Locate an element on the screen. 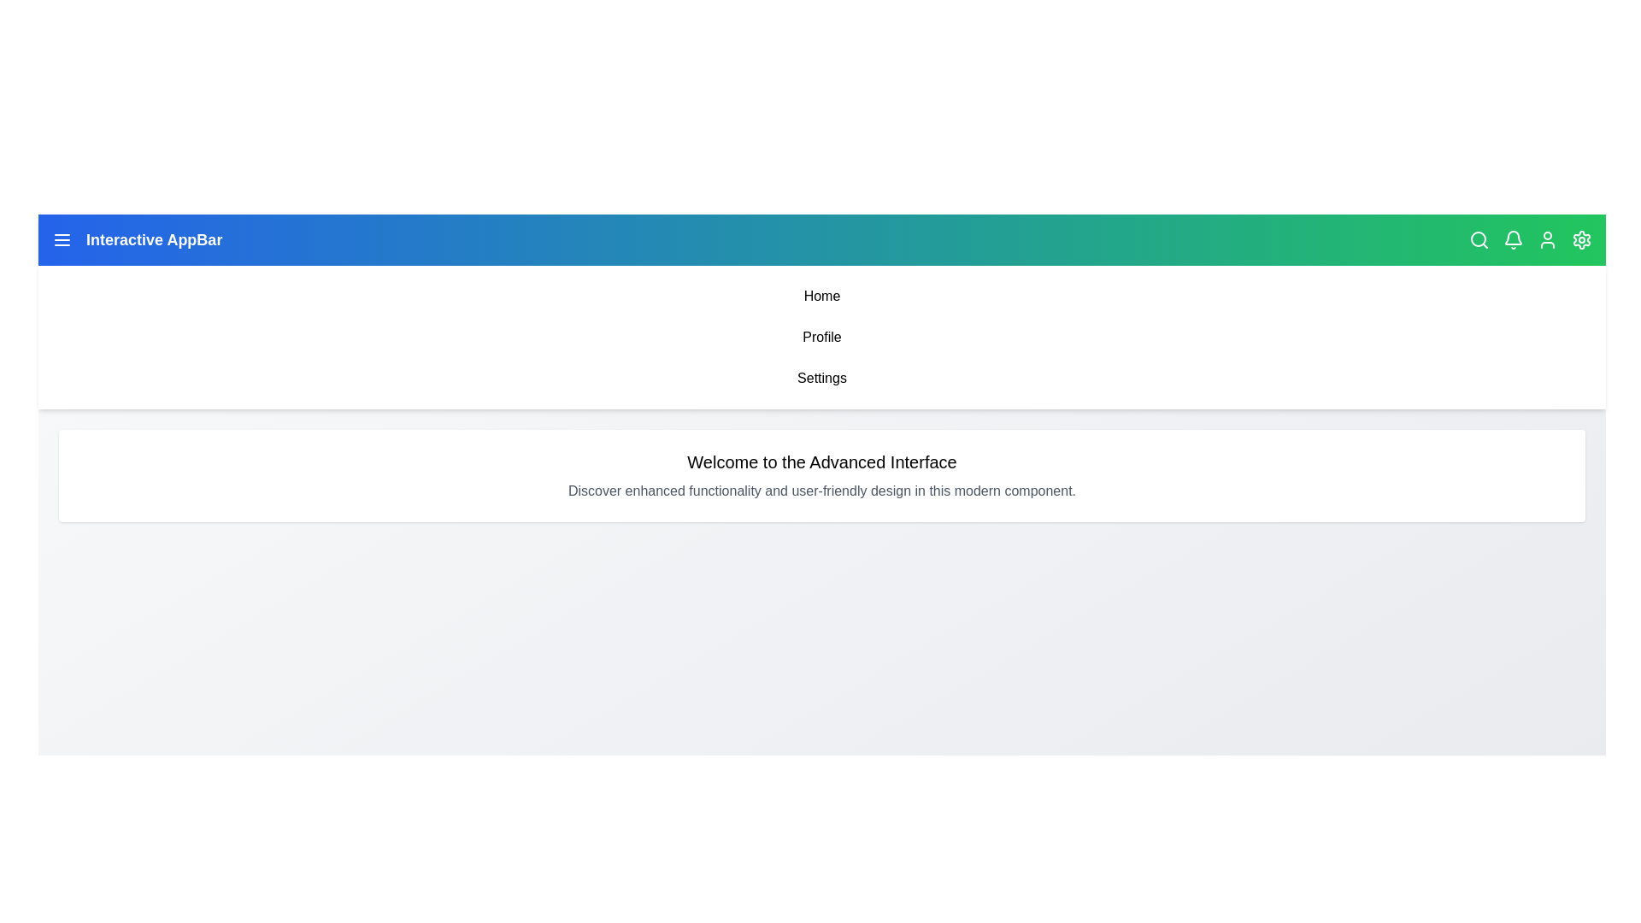  the header text 'Interactive AppBar' is located at coordinates (154, 240).